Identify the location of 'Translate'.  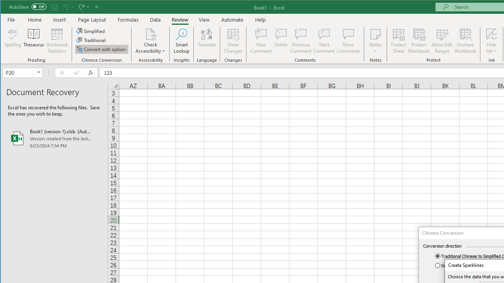
(207, 41).